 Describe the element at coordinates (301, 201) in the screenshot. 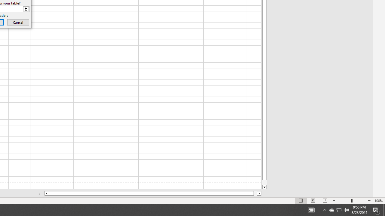

I see `'Normal'` at that location.